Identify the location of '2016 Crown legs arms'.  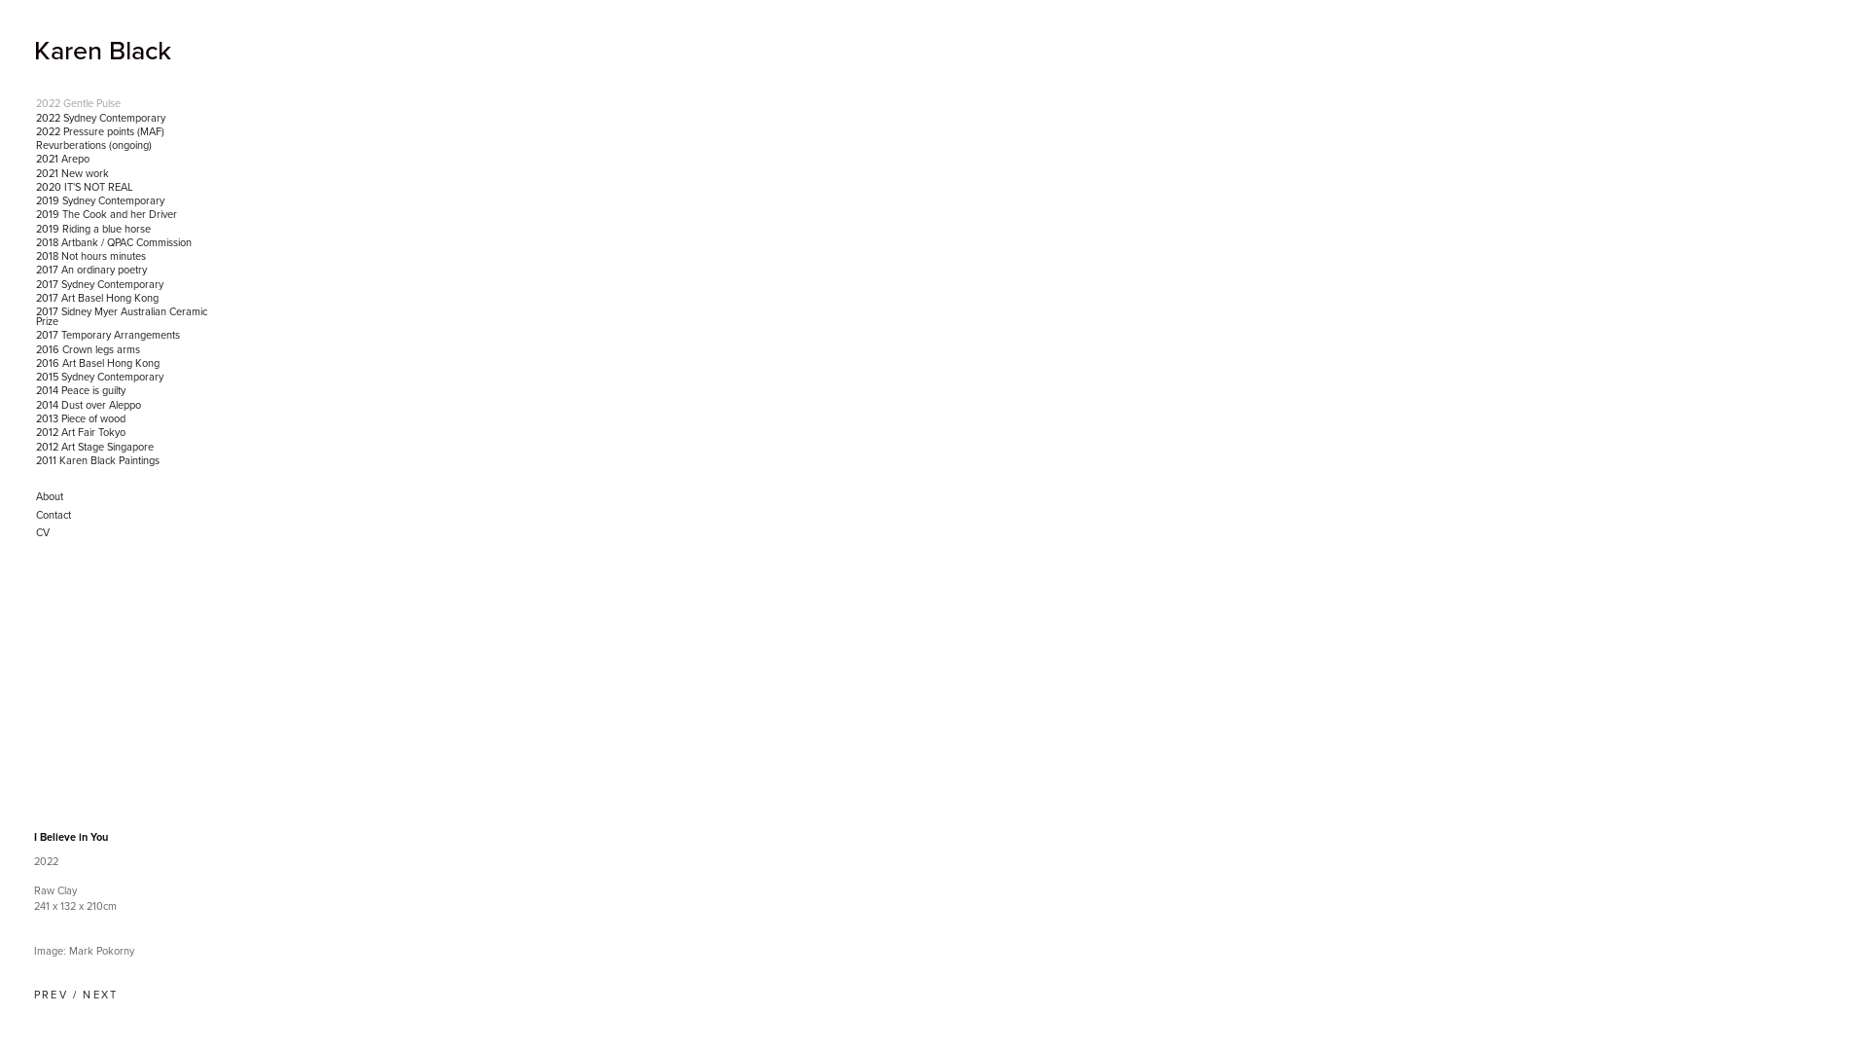
(125, 347).